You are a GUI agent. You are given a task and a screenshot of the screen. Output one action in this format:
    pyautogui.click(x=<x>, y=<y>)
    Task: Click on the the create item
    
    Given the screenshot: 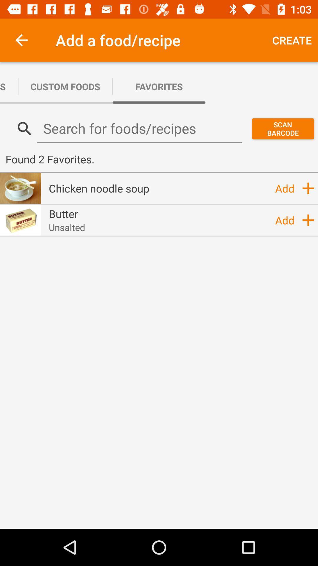 What is the action you would take?
    pyautogui.click(x=292, y=40)
    